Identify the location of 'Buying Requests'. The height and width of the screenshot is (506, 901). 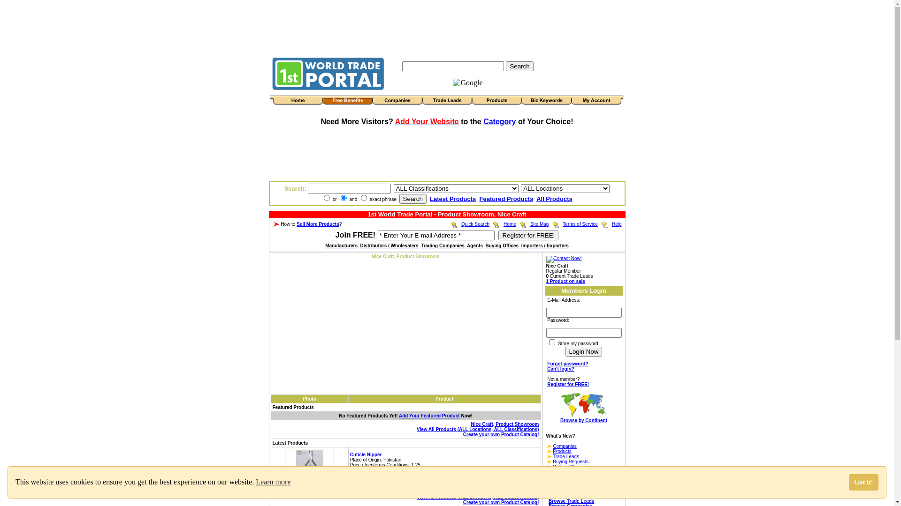
(570, 461).